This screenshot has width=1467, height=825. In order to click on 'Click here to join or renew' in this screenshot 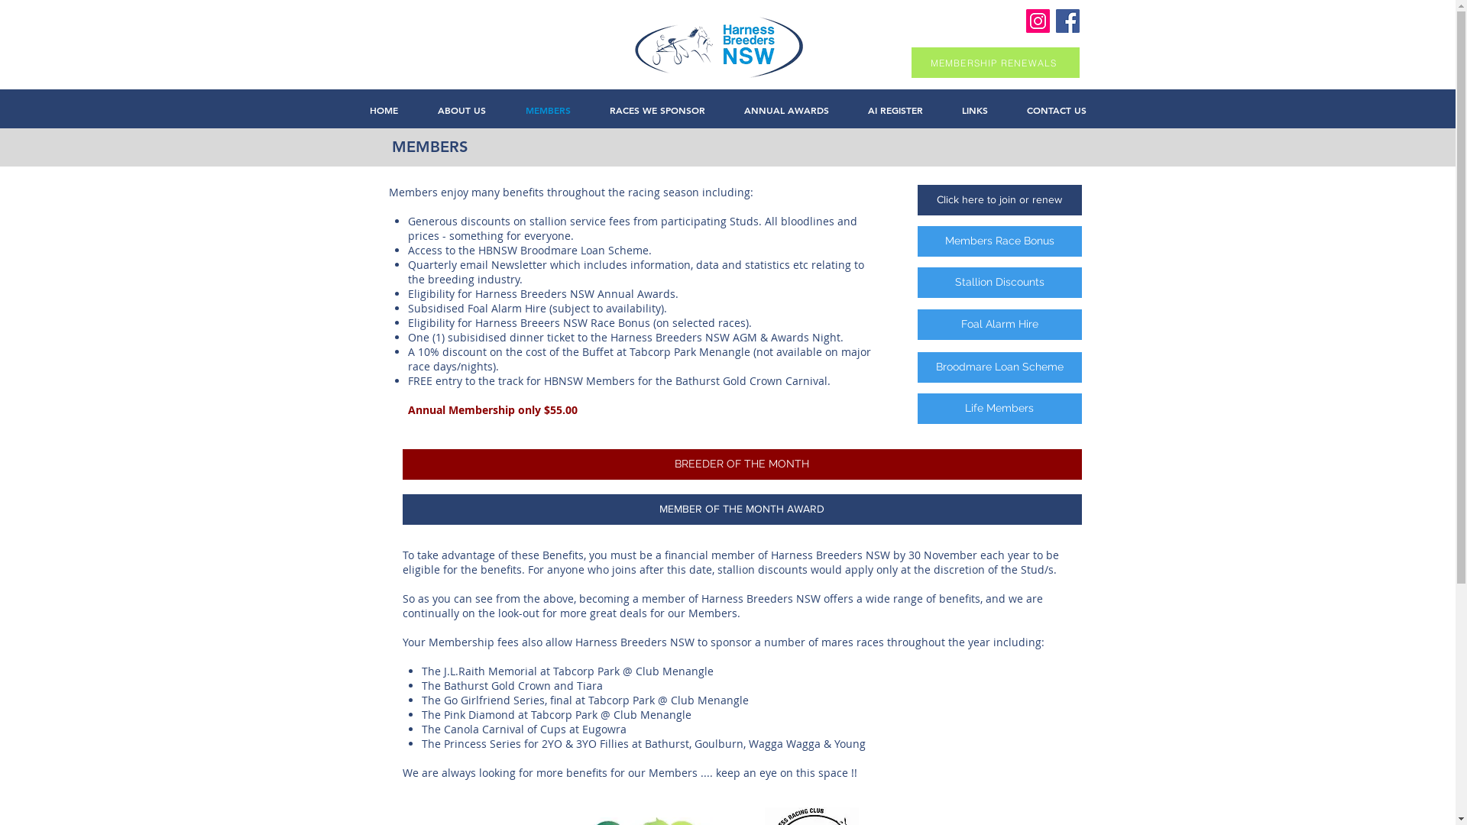, I will do `click(999, 199)`.